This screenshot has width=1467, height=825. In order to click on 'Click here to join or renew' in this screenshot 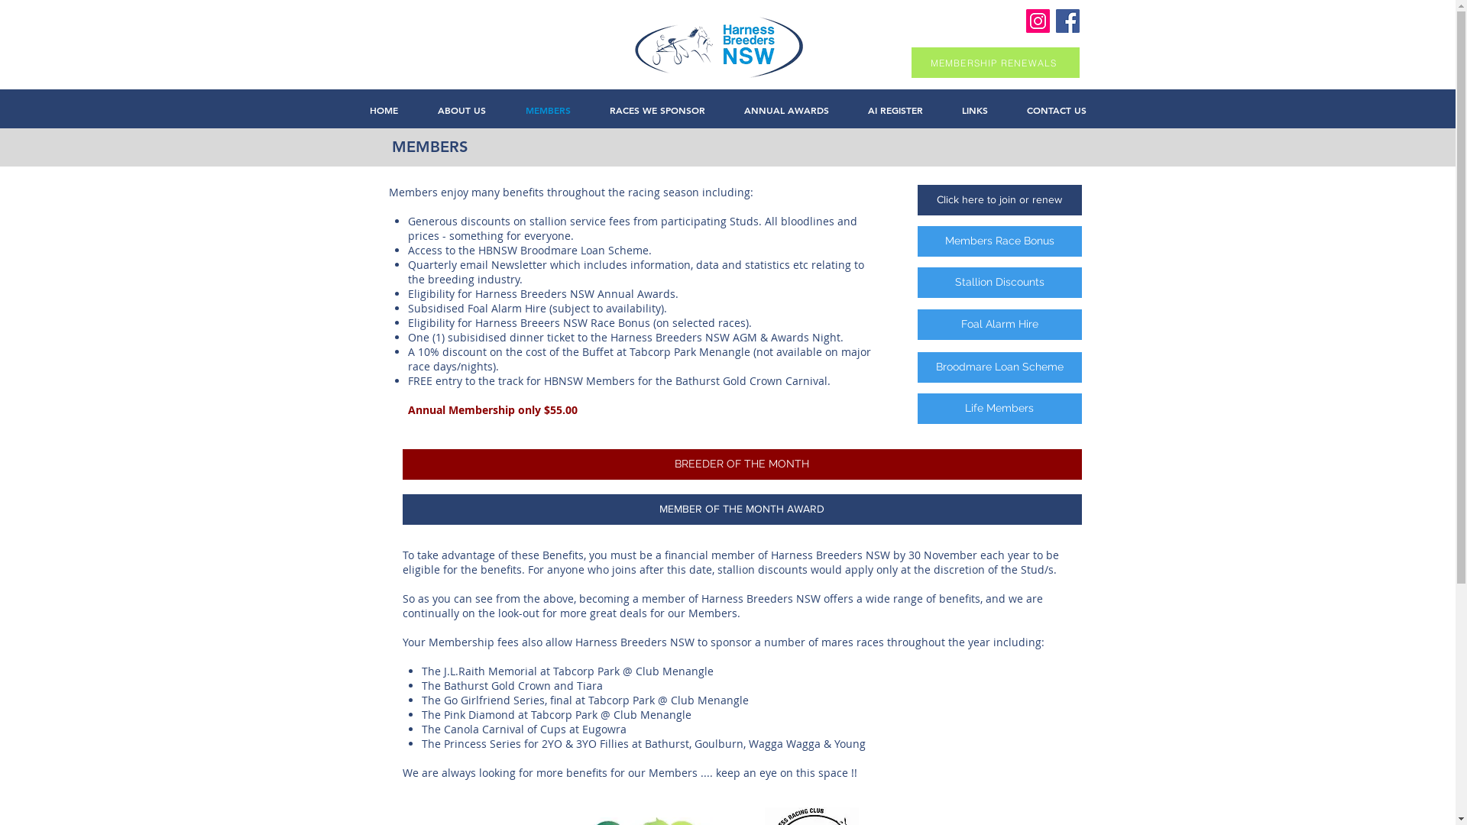, I will do `click(999, 199)`.